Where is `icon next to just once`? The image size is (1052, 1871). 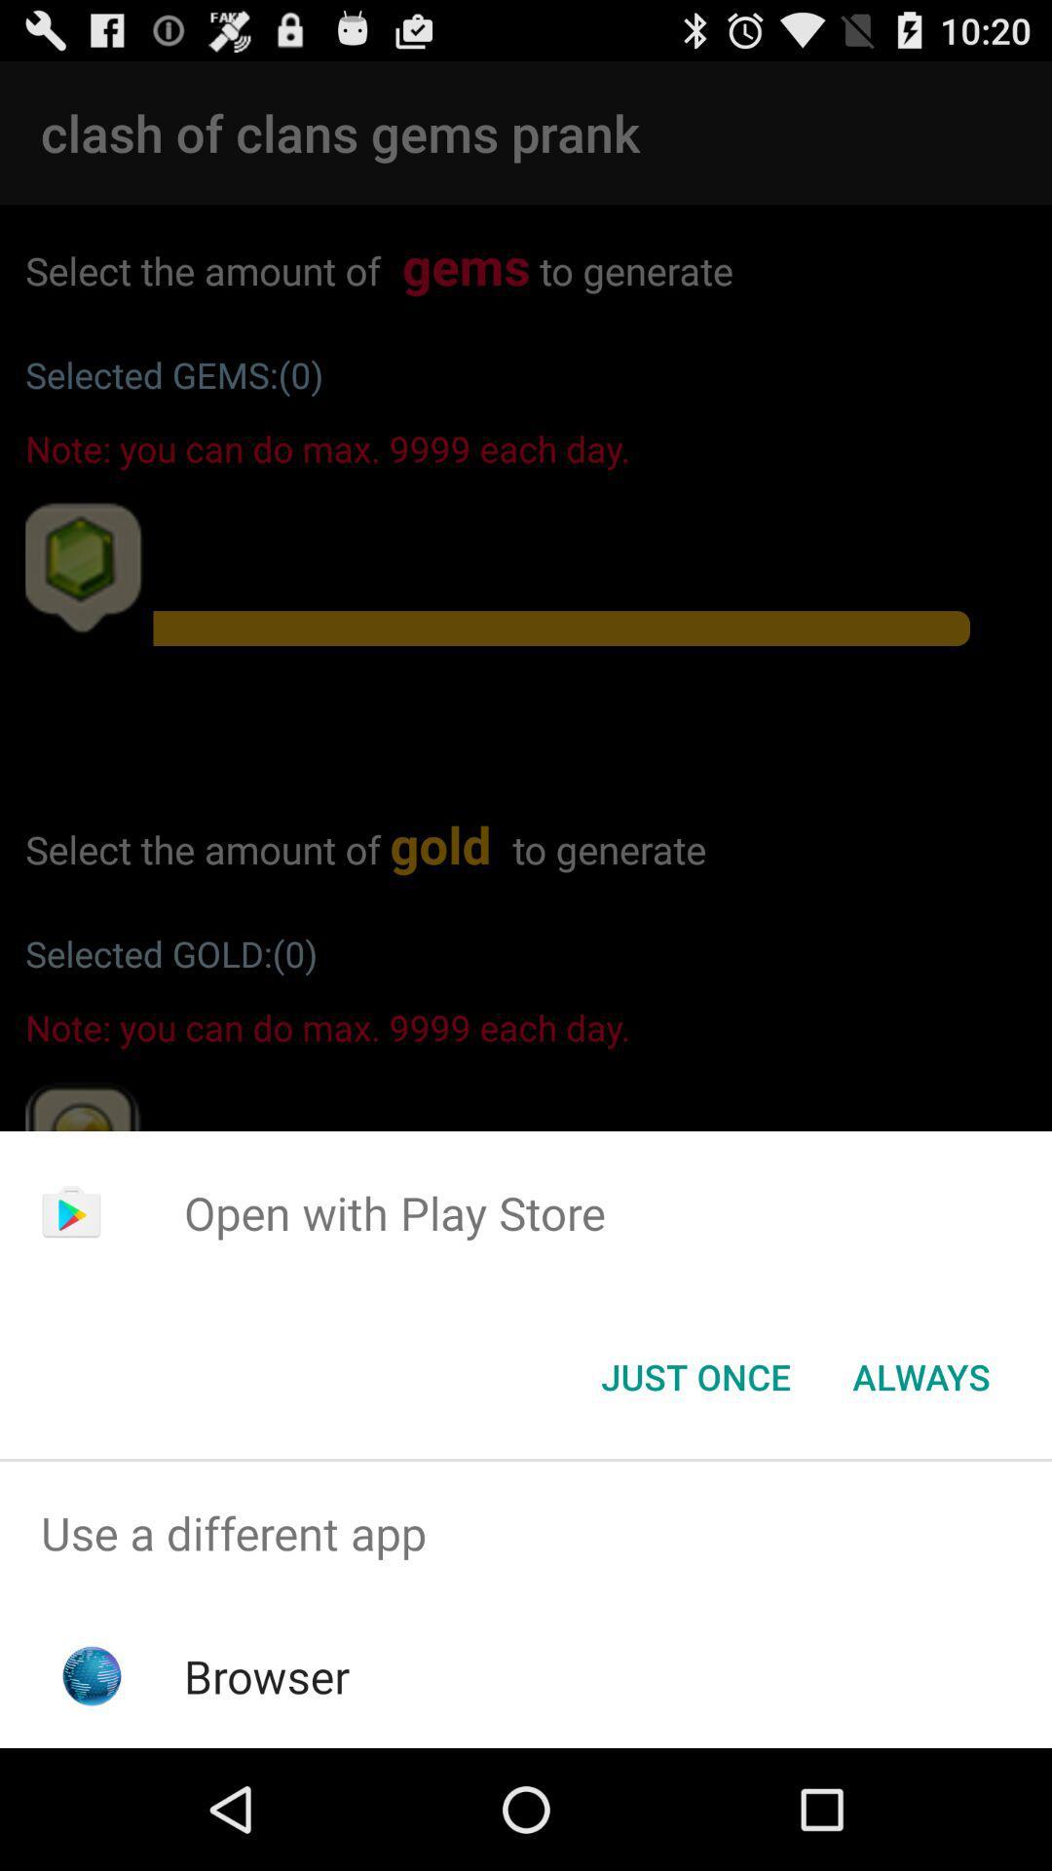
icon next to just once is located at coordinates (920, 1375).